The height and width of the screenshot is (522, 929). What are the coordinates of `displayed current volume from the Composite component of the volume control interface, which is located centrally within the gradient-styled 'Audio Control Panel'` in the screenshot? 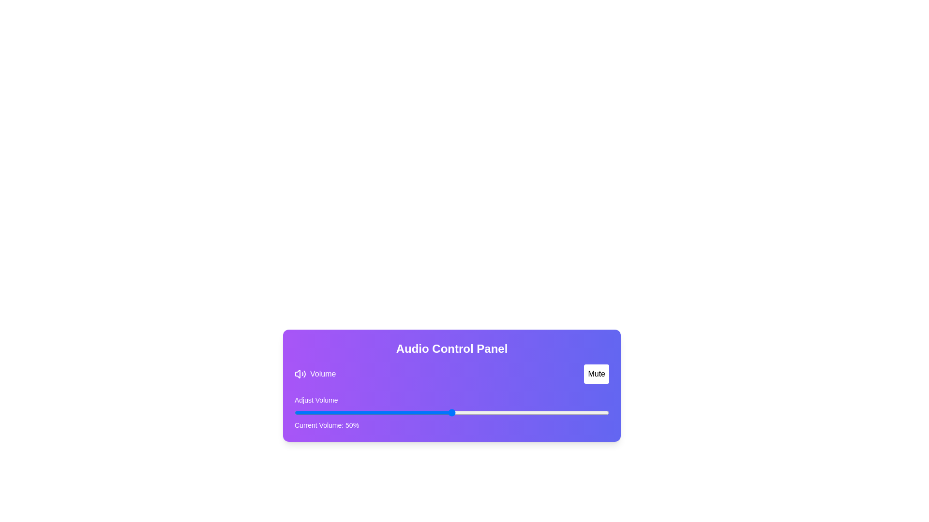 It's located at (451, 397).